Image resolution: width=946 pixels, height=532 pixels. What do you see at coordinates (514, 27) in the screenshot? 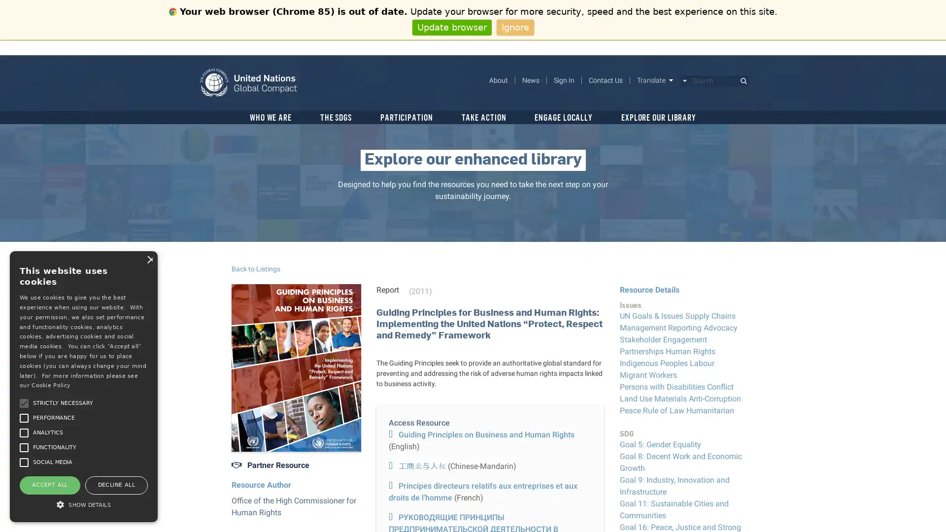
I see `Ignore` at bounding box center [514, 27].